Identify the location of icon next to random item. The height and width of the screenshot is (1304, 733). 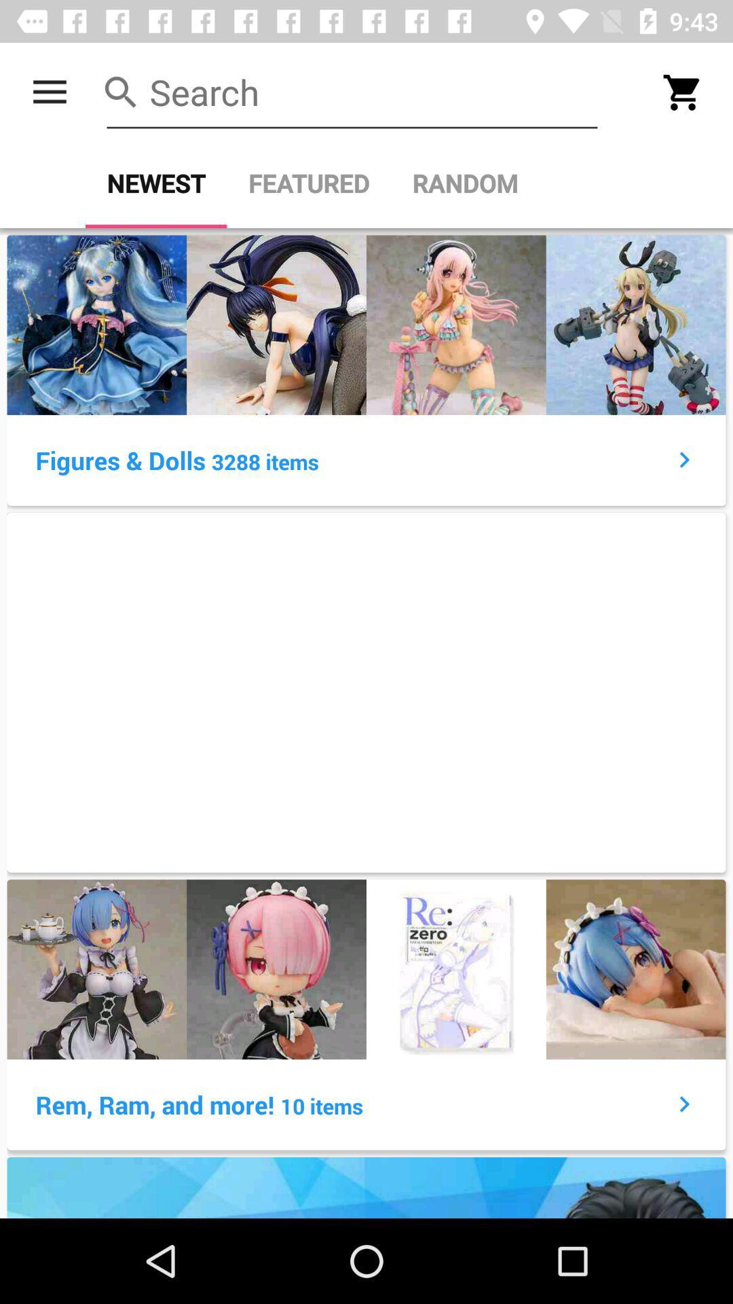
(309, 183).